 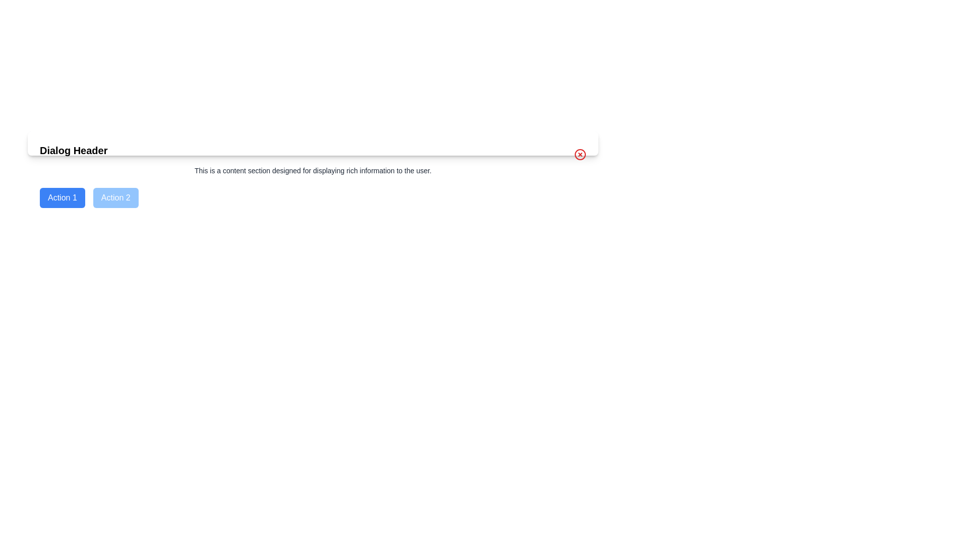 What do you see at coordinates (115, 198) in the screenshot?
I see `the 'Action 2' button` at bounding box center [115, 198].